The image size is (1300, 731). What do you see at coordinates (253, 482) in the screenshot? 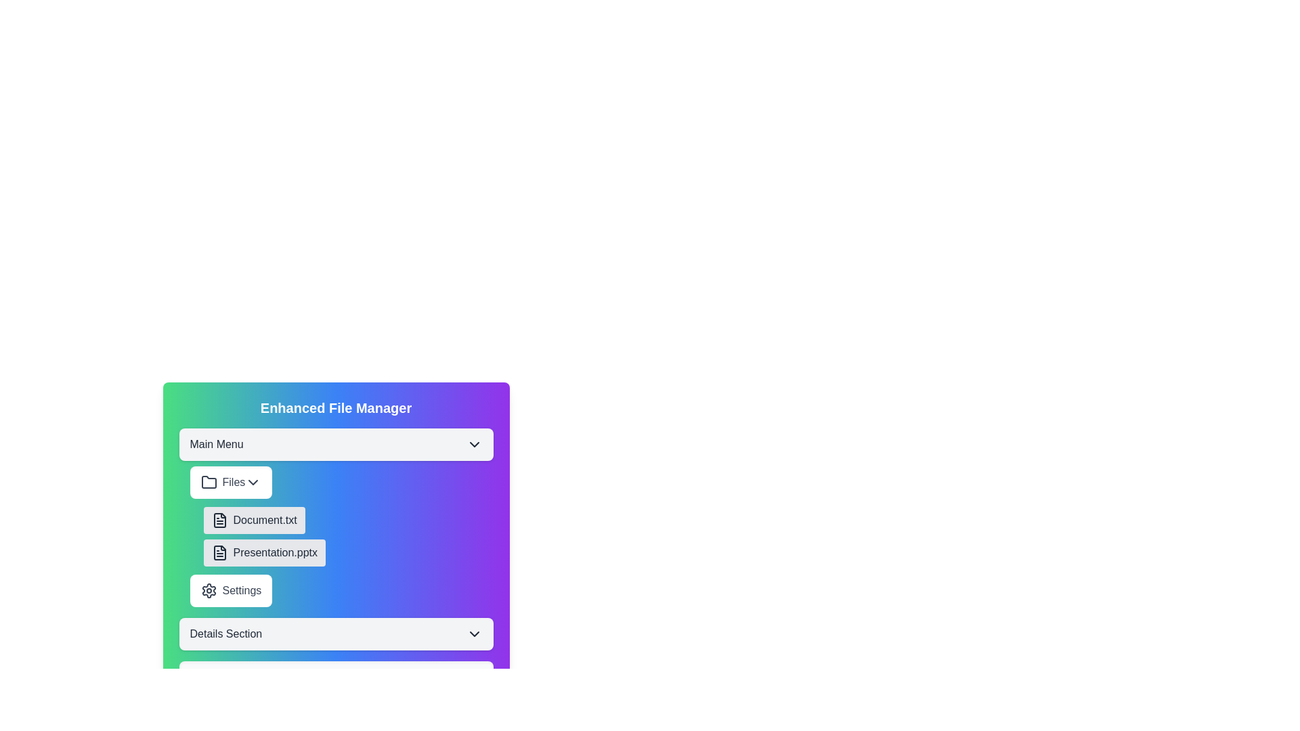
I see `the downward-pointing chevron icon located to the right of the text 'Files'` at bounding box center [253, 482].